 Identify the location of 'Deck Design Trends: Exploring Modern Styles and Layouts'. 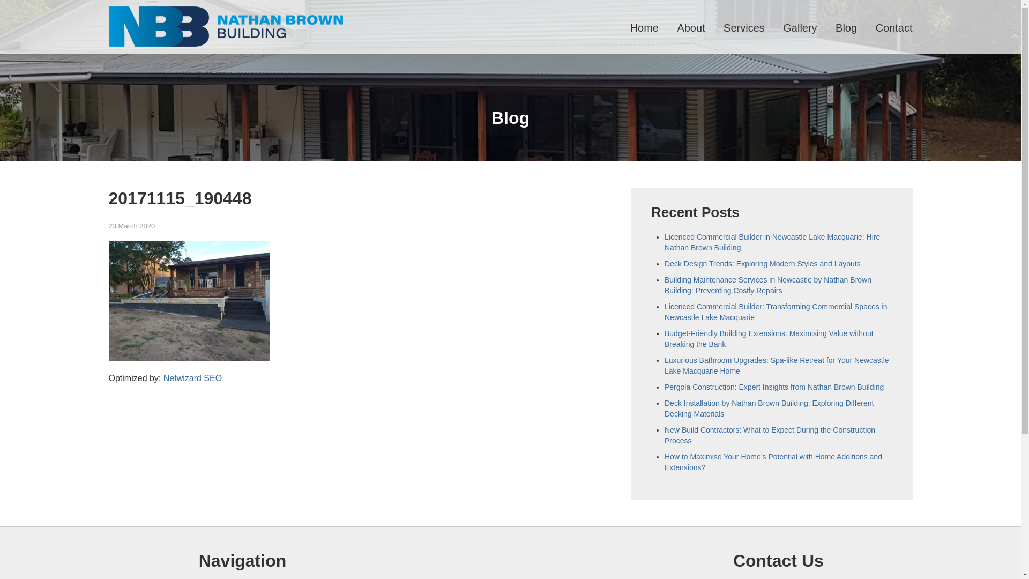
(762, 264).